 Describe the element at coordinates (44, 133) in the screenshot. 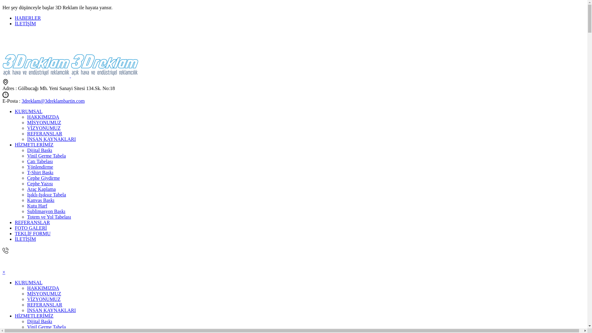

I see `'REFERANSLAR'` at that location.